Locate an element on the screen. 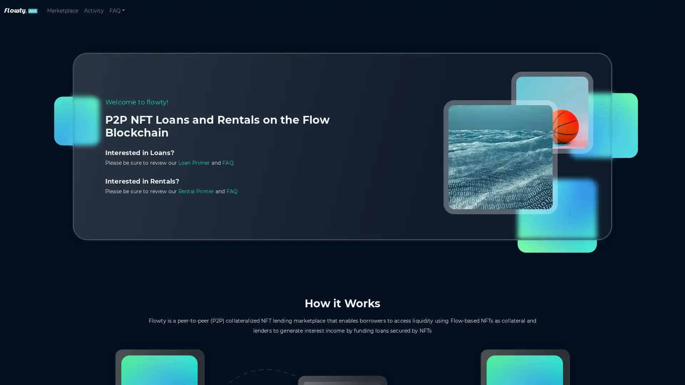  Connect wallet is located at coordinates (653, 10).